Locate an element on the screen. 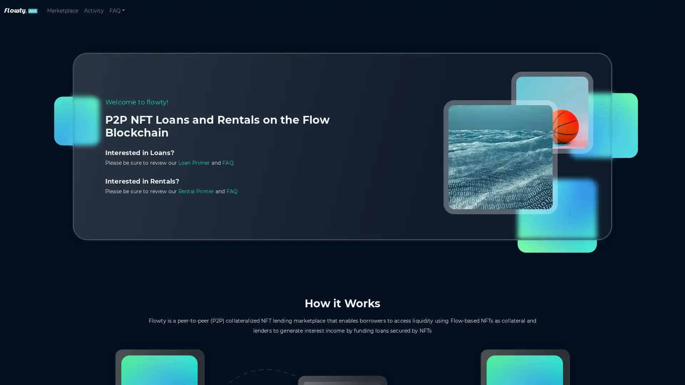  Connect wallet is located at coordinates (653, 10).